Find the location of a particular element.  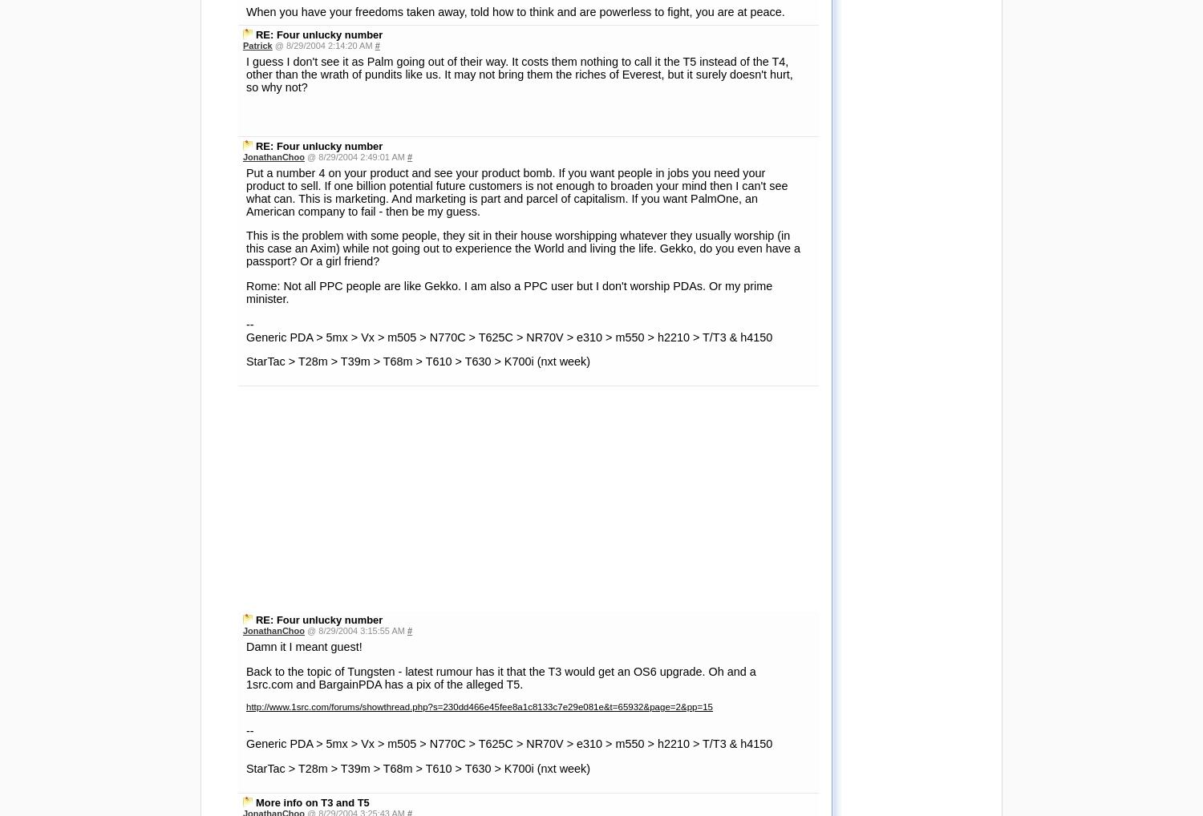

'@ 8/29/2004 2:21:49 PM' is located at coordinates (321, 547).